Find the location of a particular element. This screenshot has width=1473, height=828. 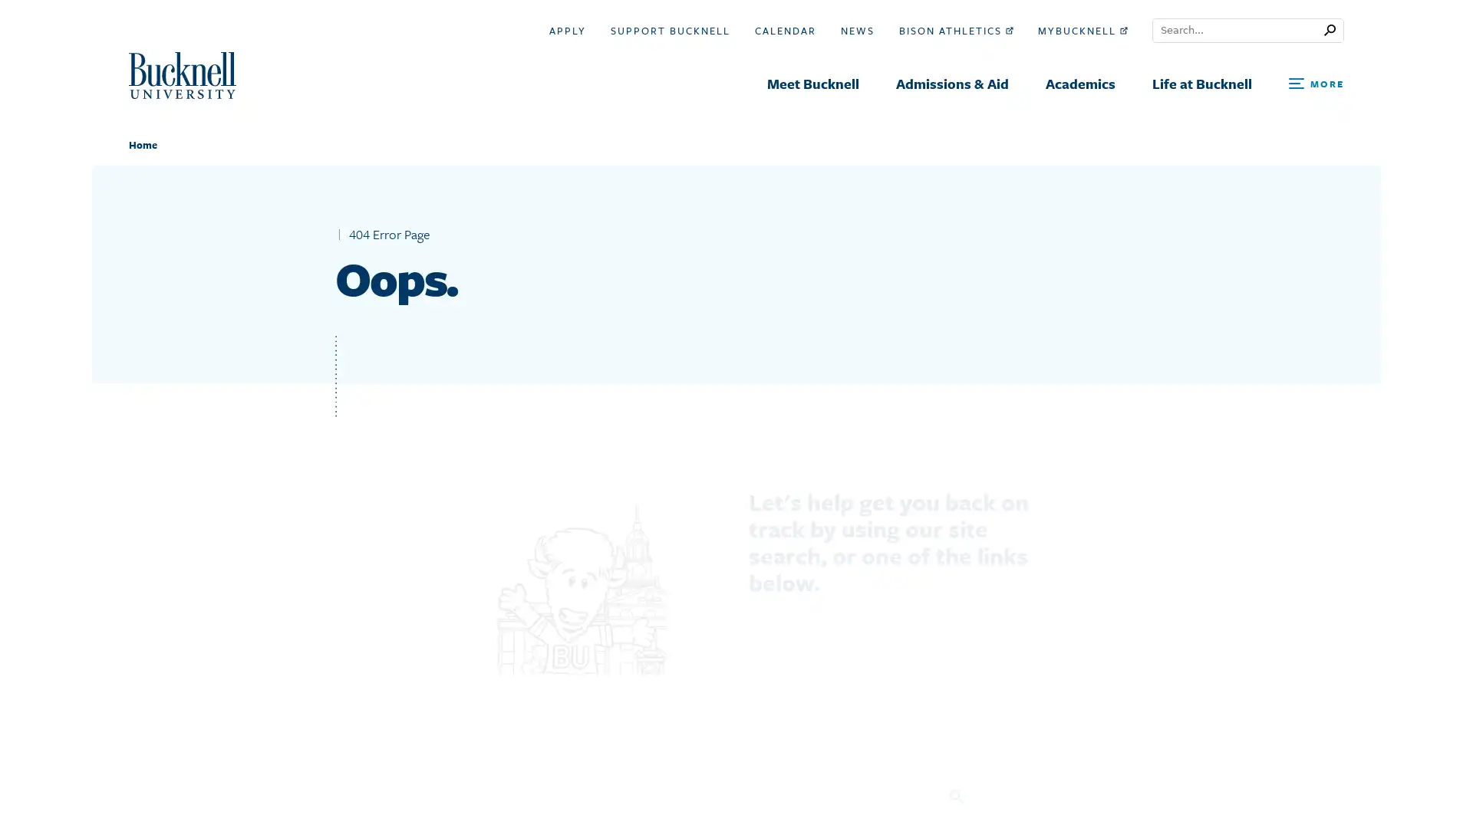

Search is located at coordinates (956, 806).